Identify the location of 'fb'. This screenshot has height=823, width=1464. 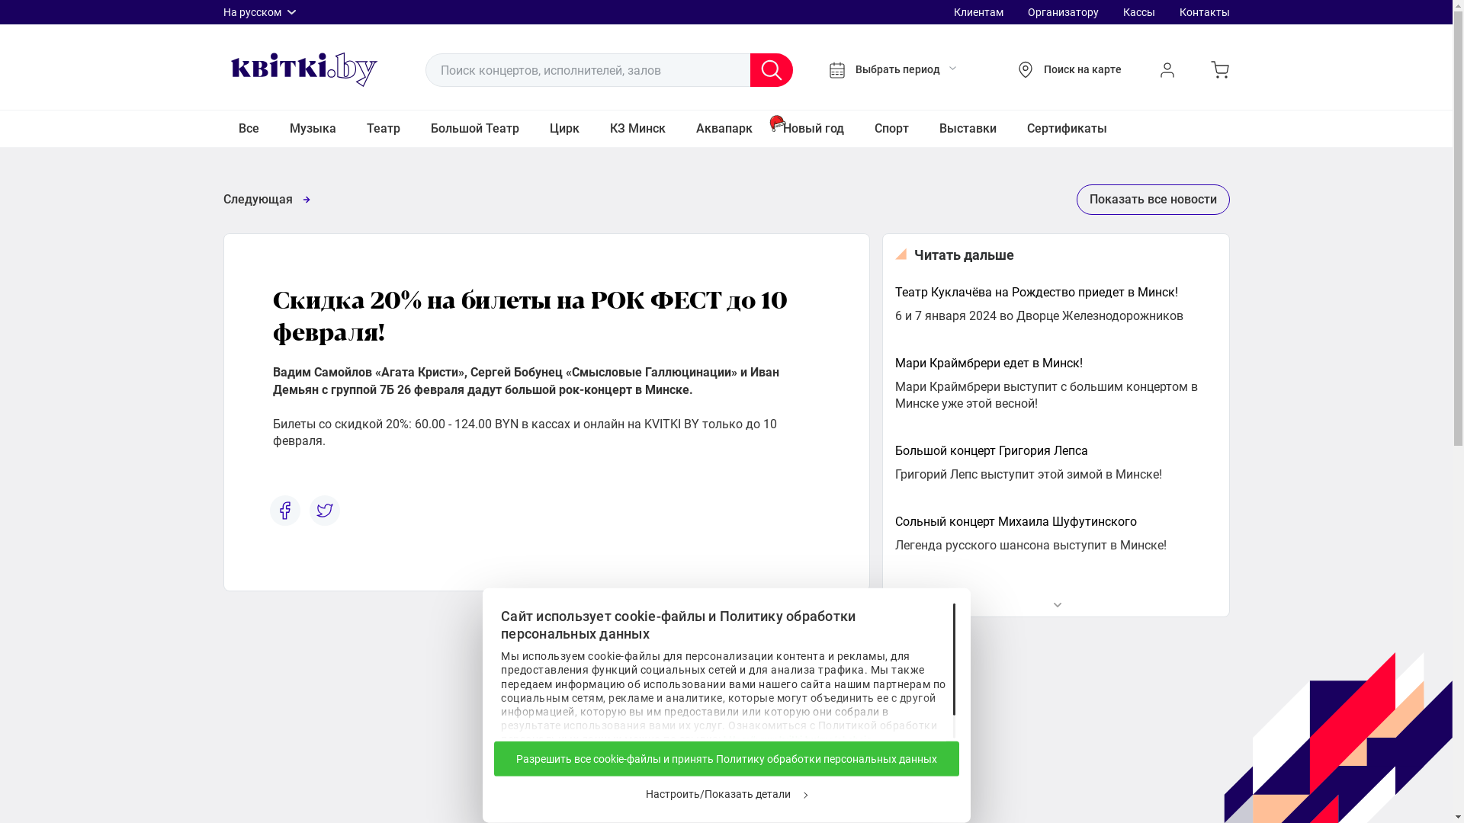
(285, 511).